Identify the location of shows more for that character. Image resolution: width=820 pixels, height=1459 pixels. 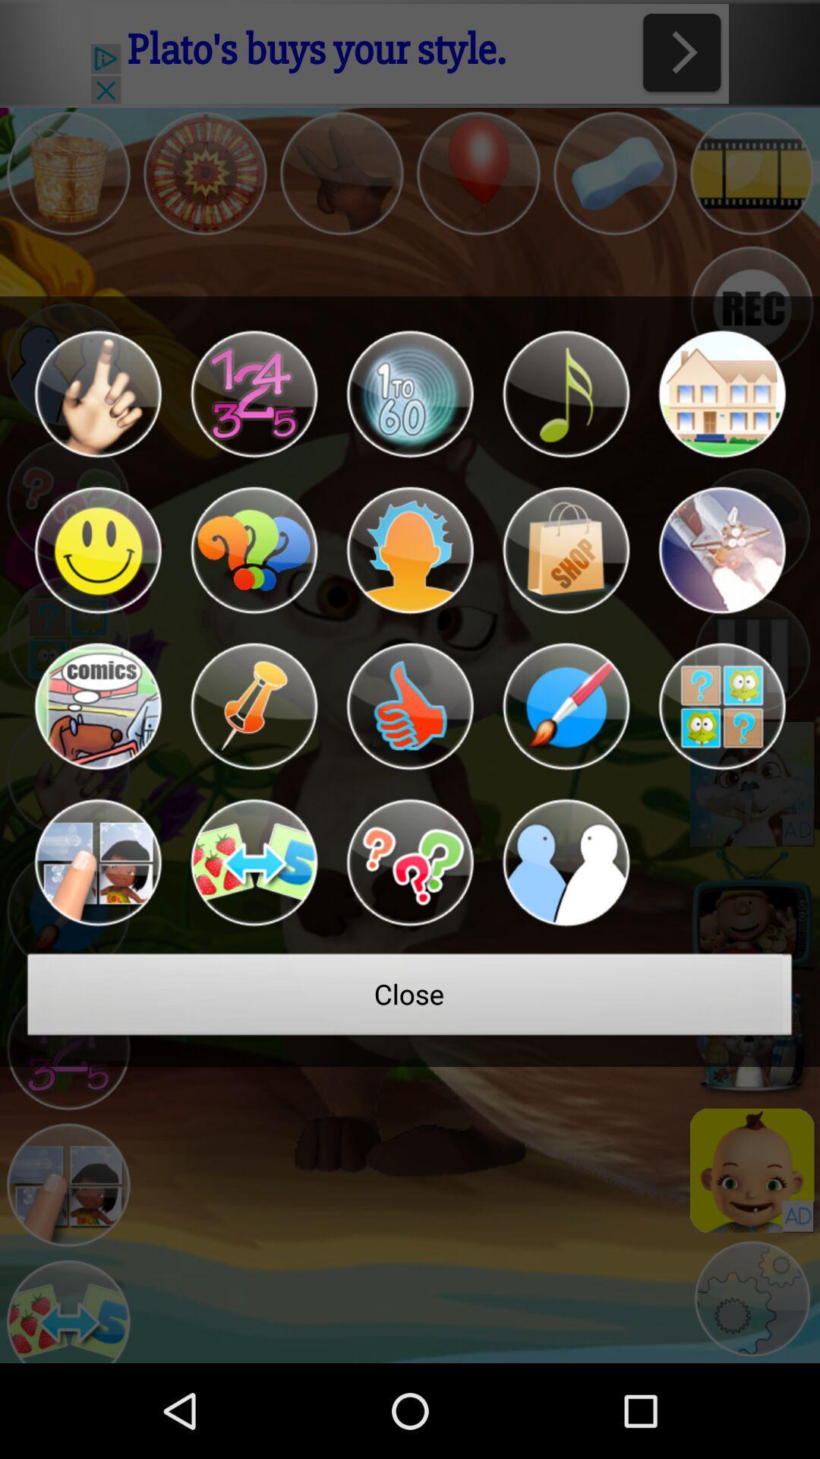
(721, 549).